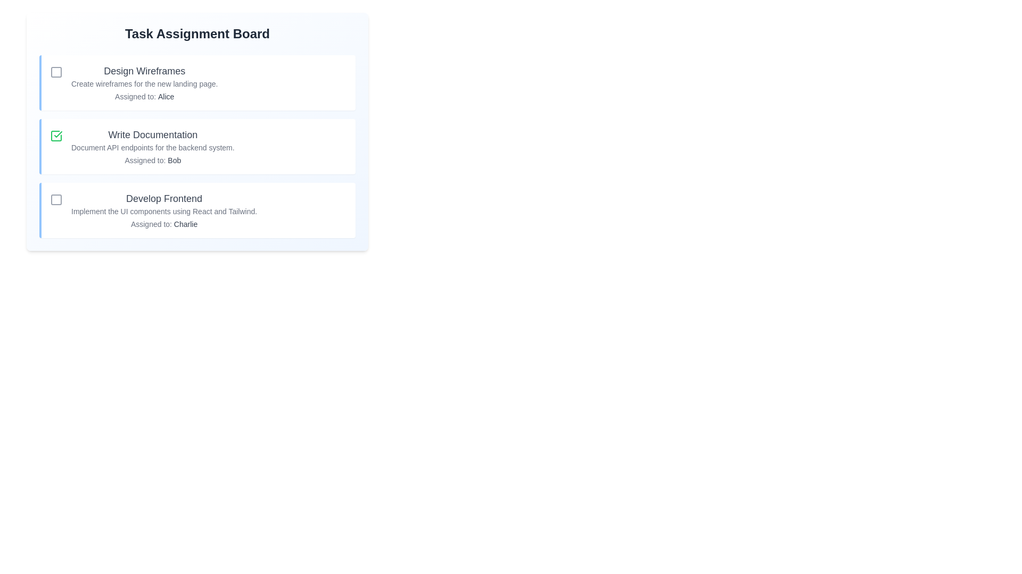 The height and width of the screenshot is (574, 1022). Describe the element at coordinates (152, 160) in the screenshot. I see `the text label that signifies the assignee responsible for completing the 'Write Documentation' task, located at the bottom part of the task card following the description text` at that location.